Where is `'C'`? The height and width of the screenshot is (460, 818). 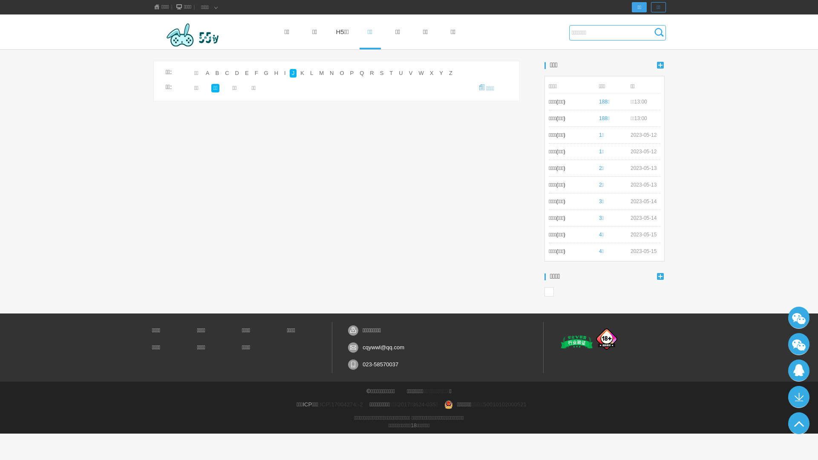 'C' is located at coordinates (227, 73).